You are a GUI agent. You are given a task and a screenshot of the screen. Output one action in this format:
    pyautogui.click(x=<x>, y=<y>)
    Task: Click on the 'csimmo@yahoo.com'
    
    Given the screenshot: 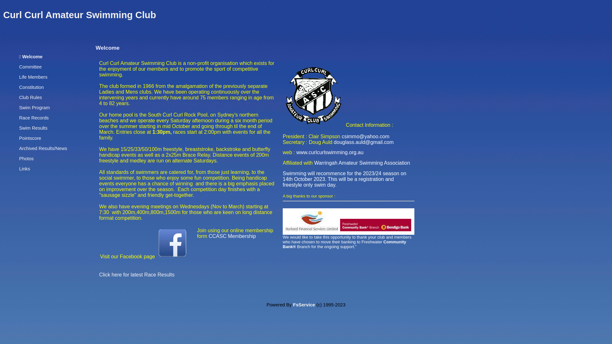 What is the action you would take?
    pyautogui.click(x=366, y=136)
    